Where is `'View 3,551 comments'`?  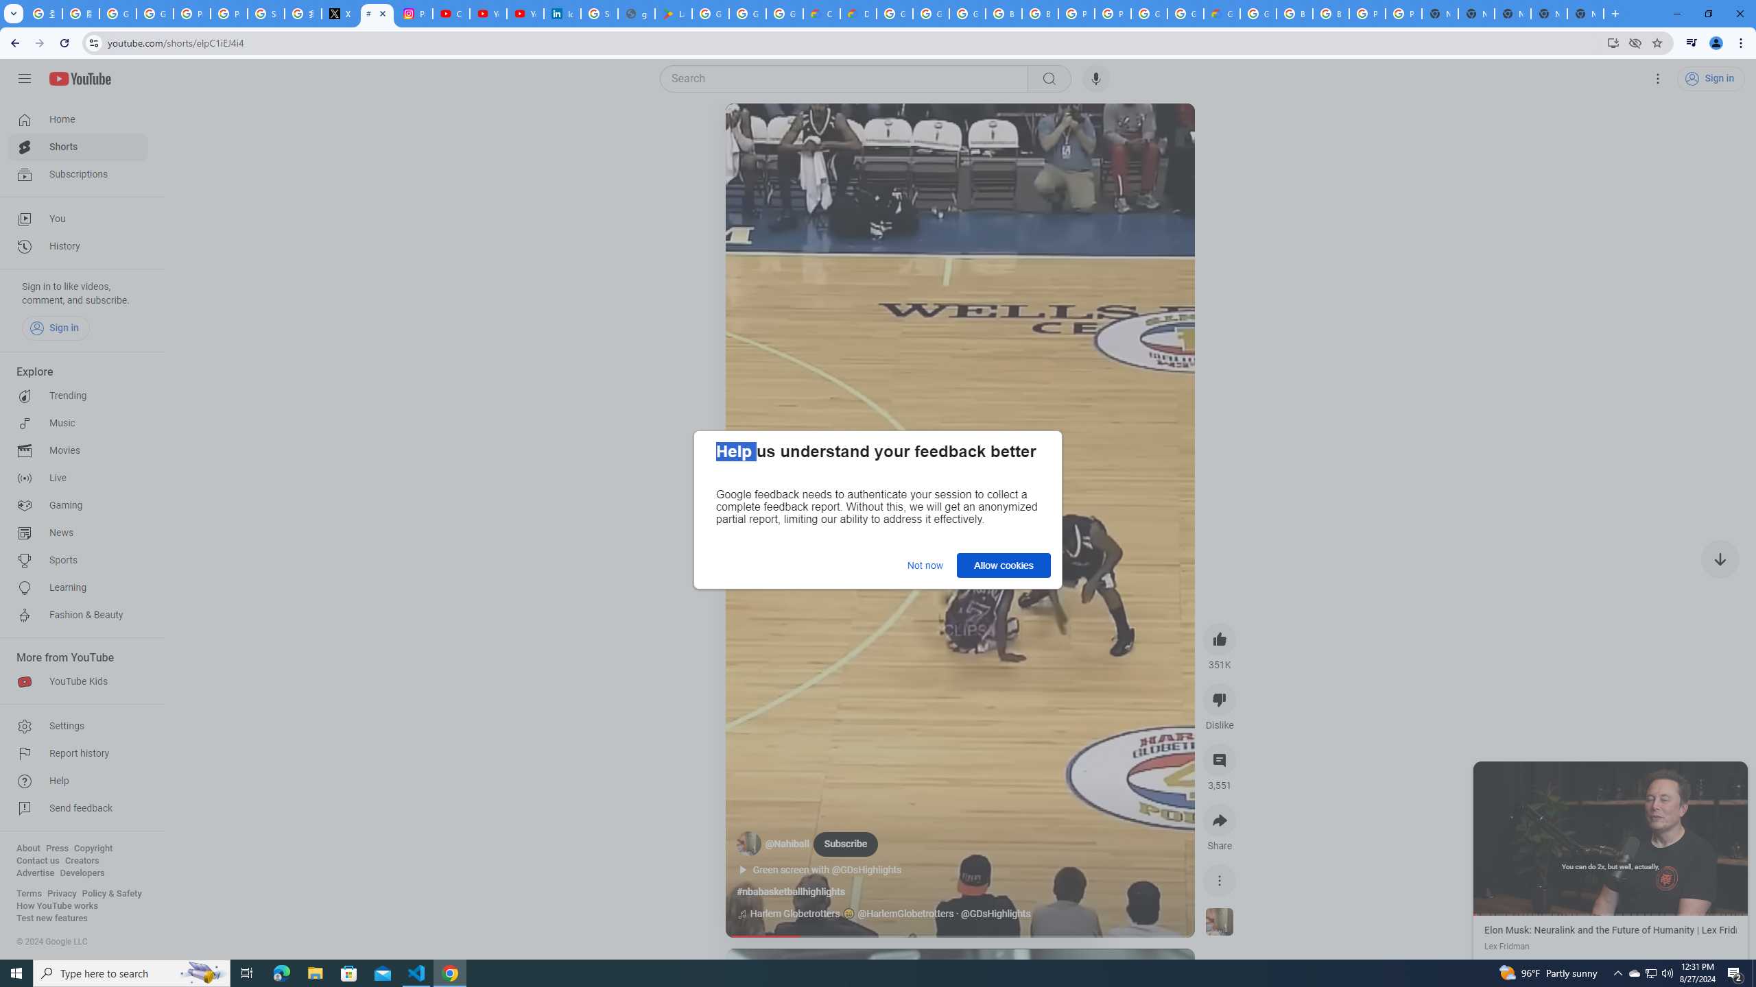
'View 3,551 comments' is located at coordinates (1219, 759).